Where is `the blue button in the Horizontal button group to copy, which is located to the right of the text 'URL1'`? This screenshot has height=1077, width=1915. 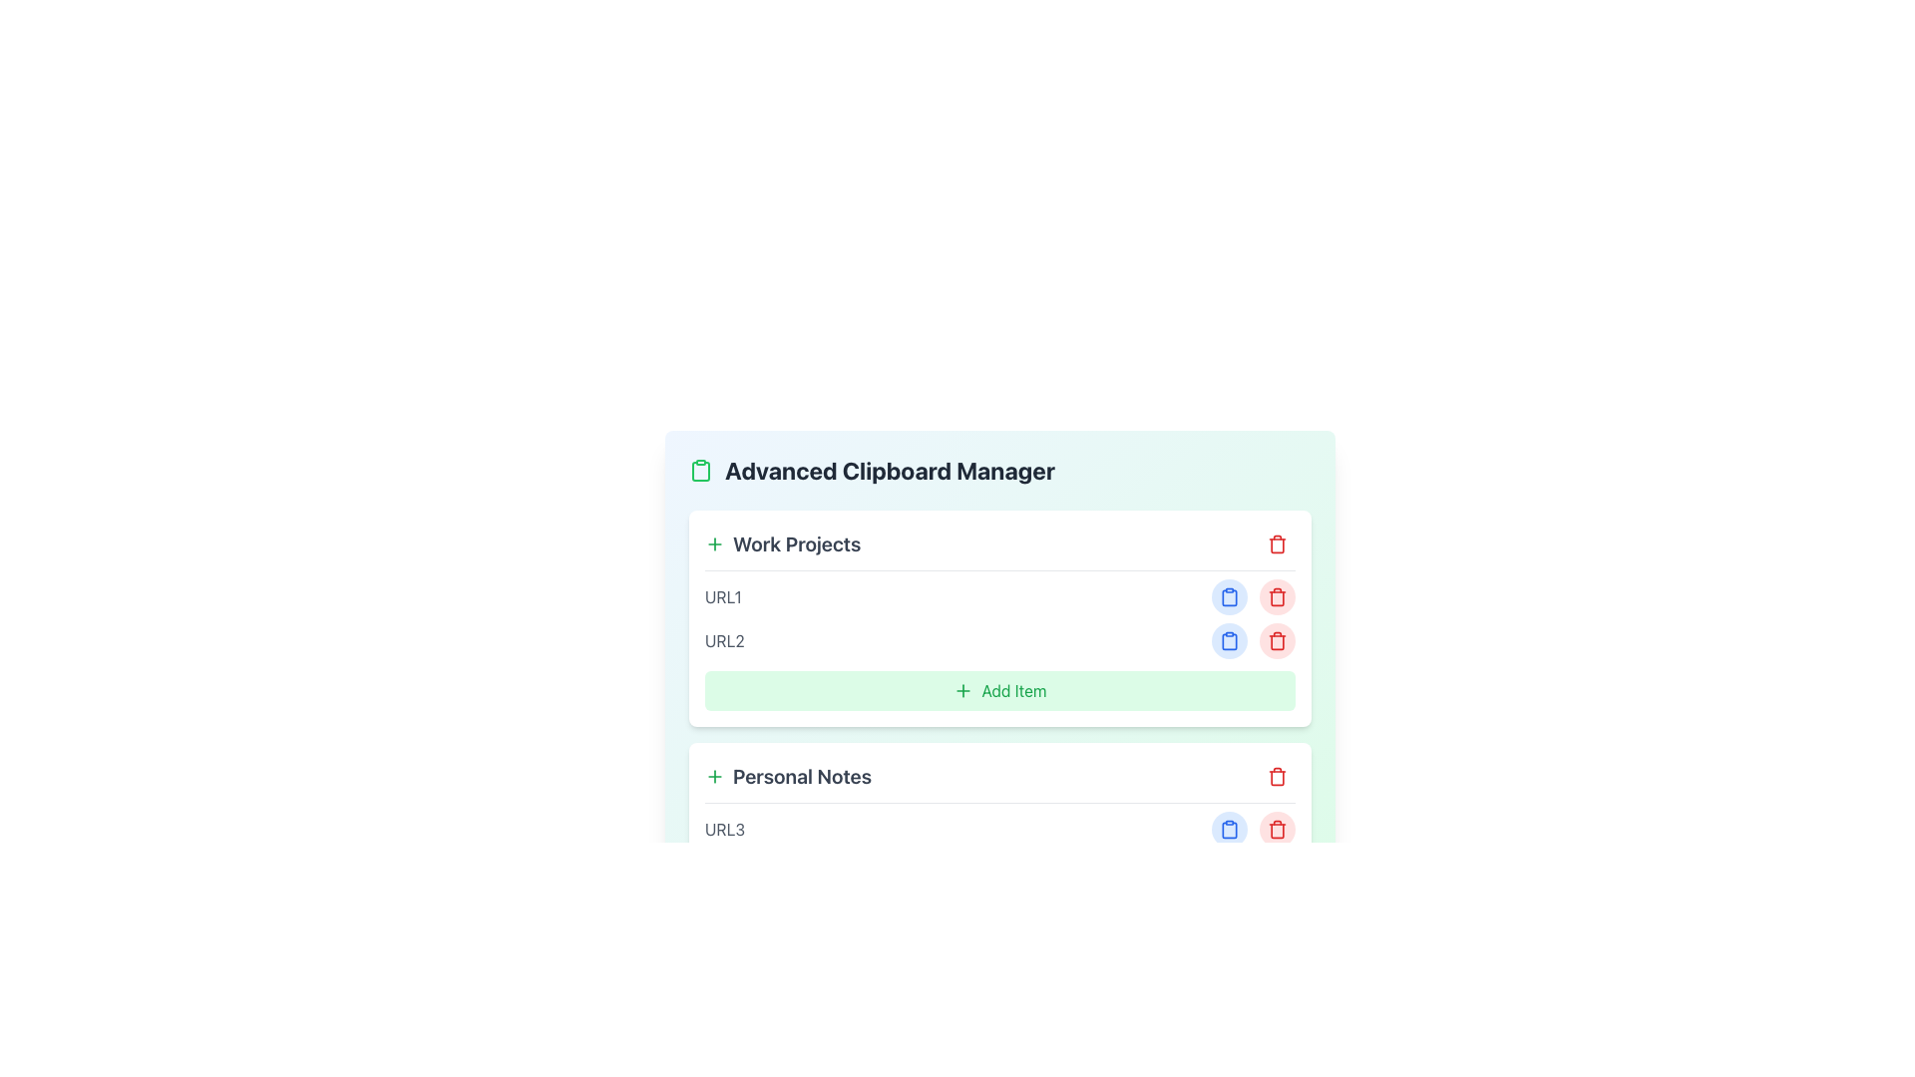
the blue button in the Horizontal button group to copy, which is located to the right of the text 'URL1' is located at coordinates (1253, 595).